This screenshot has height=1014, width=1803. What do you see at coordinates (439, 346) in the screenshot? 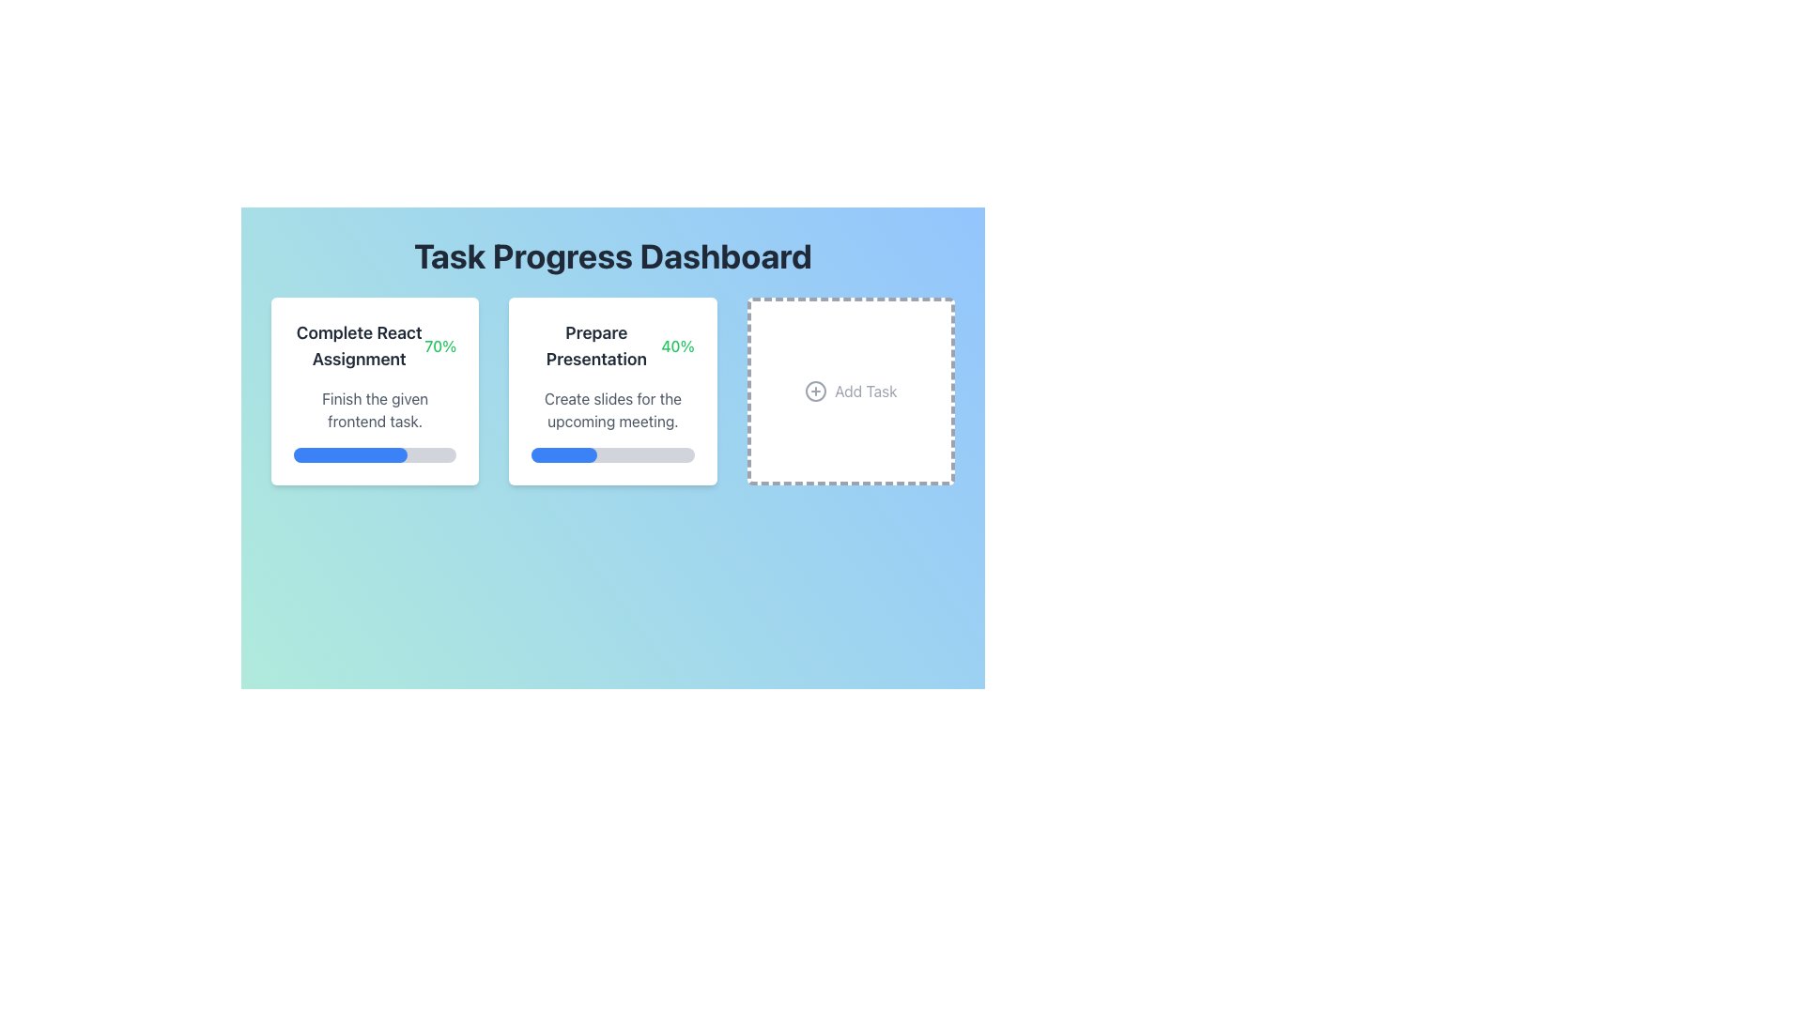
I see `the green percentage display showing '70%' within the task card titled 'Complete React Assignment' located in the top right corner of the card` at bounding box center [439, 346].